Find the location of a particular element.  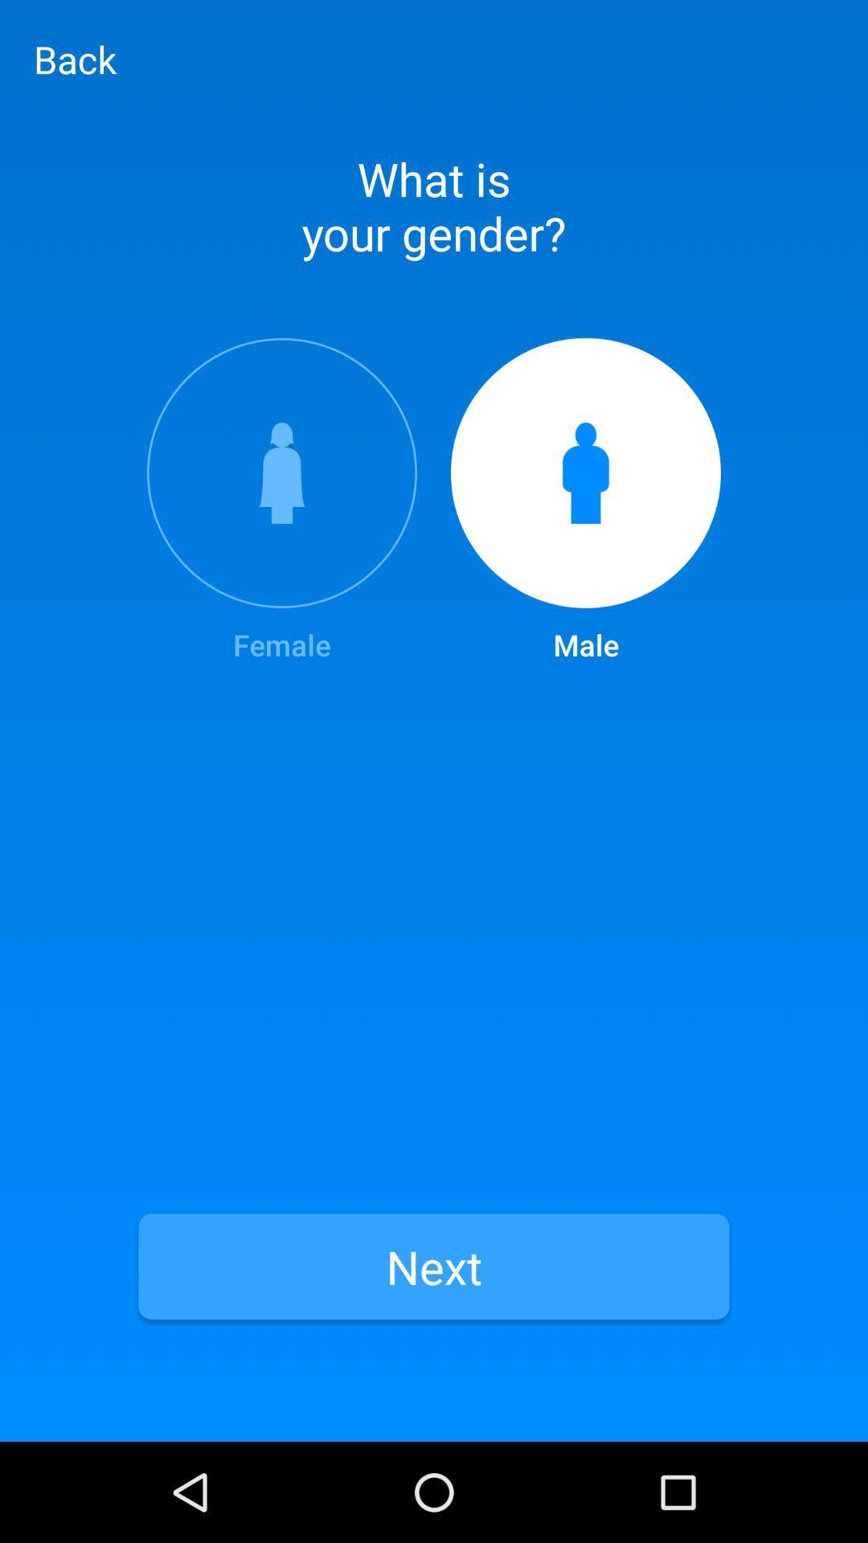

back icon is located at coordinates (75, 59).